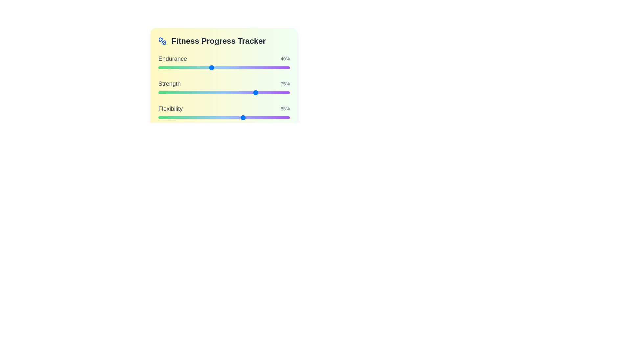  What do you see at coordinates (197, 92) in the screenshot?
I see `strength slider` at bounding box center [197, 92].